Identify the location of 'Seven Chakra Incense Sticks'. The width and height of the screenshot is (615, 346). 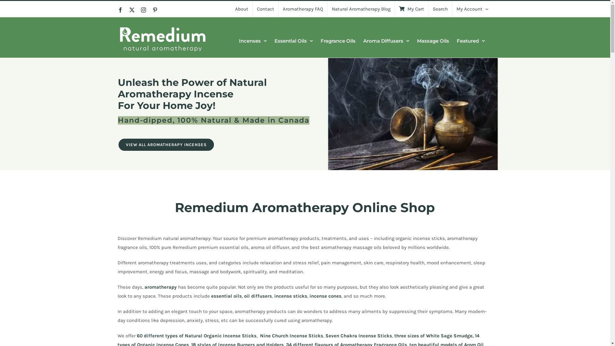
(358, 335).